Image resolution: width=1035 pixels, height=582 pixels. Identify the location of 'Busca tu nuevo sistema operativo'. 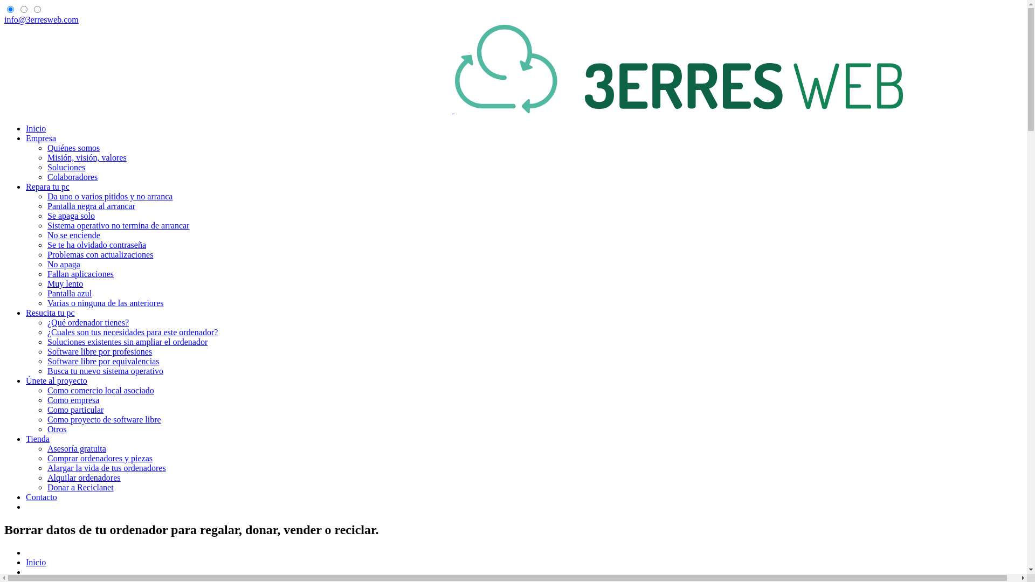
(105, 370).